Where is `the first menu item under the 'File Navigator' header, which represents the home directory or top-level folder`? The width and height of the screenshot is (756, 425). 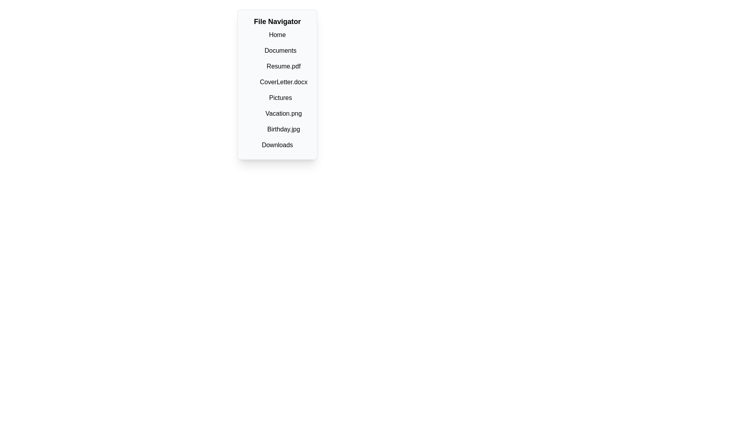
the first menu item under the 'File Navigator' header, which represents the home directory or top-level folder is located at coordinates (277, 34).